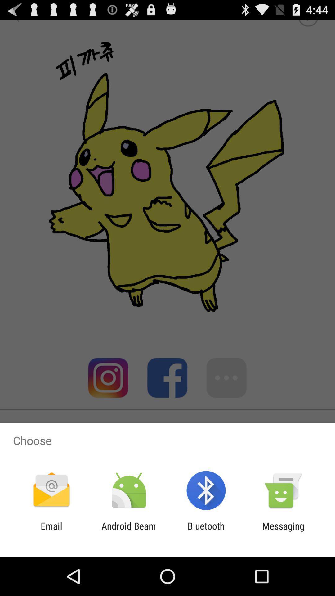  What do you see at coordinates (51, 531) in the screenshot?
I see `icon to the left of android beam item` at bounding box center [51, 531].